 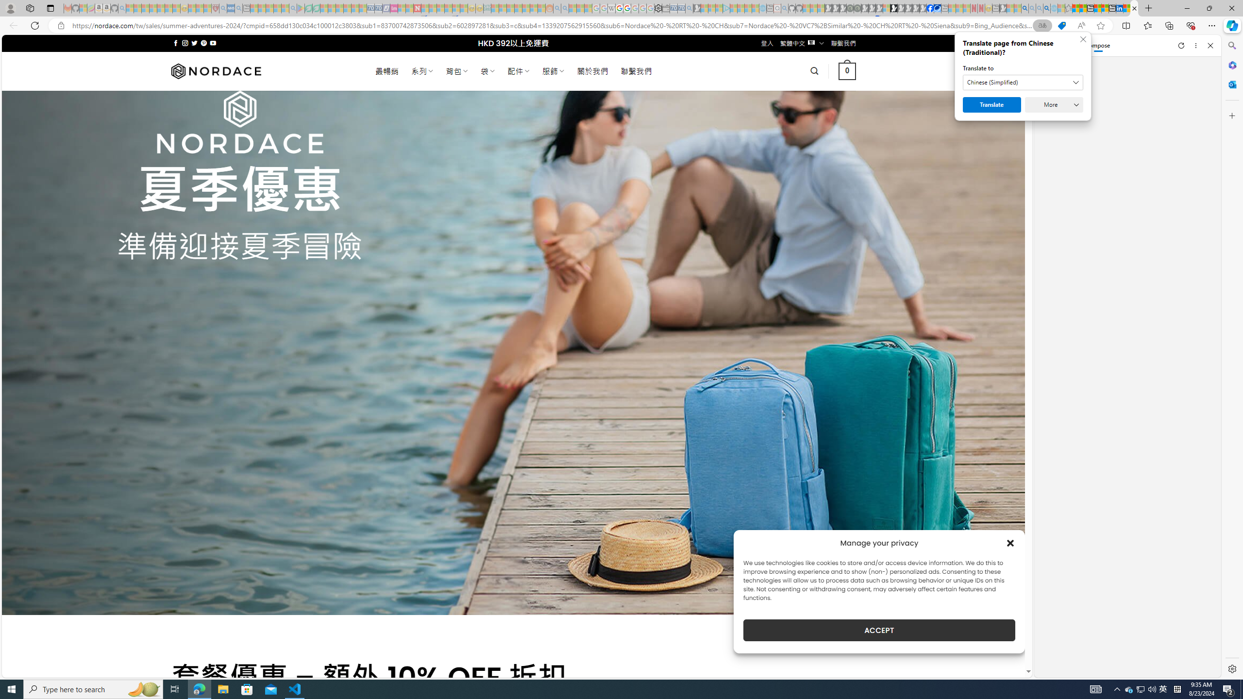 I want to click on 'Future Focus Report 2024 - Sleeping', so click(x=857, y=8).